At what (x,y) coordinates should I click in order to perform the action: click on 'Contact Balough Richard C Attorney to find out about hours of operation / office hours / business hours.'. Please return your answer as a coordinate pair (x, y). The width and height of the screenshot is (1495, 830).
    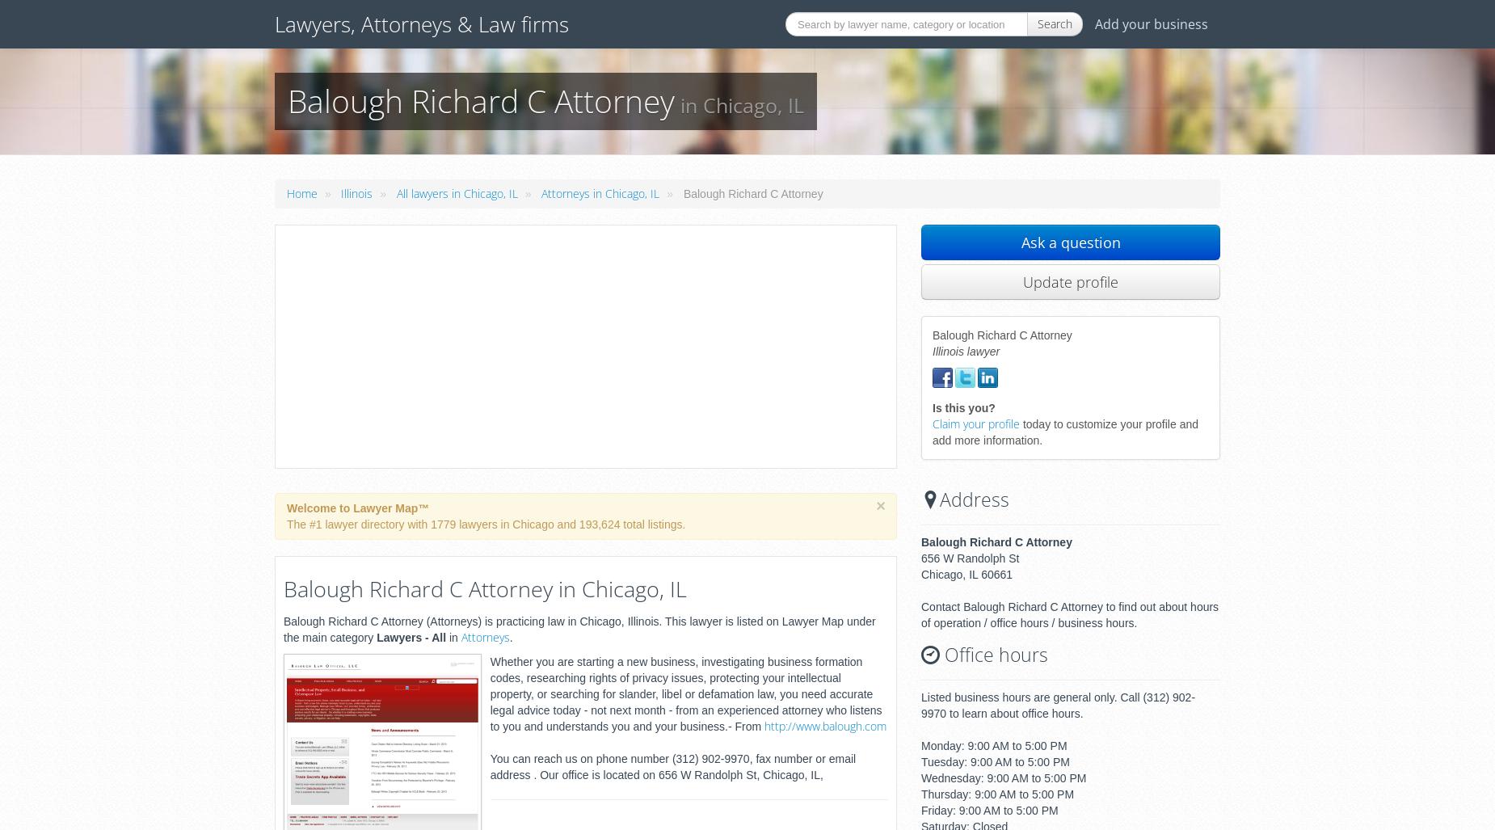
    Looking at the image, I should click on (920, 614).